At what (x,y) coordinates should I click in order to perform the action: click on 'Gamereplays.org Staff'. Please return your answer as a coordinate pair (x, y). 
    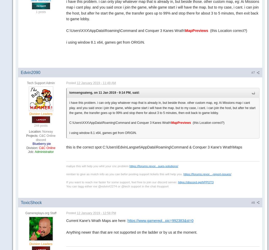
    Looking at the image, I should click on (25, 212).